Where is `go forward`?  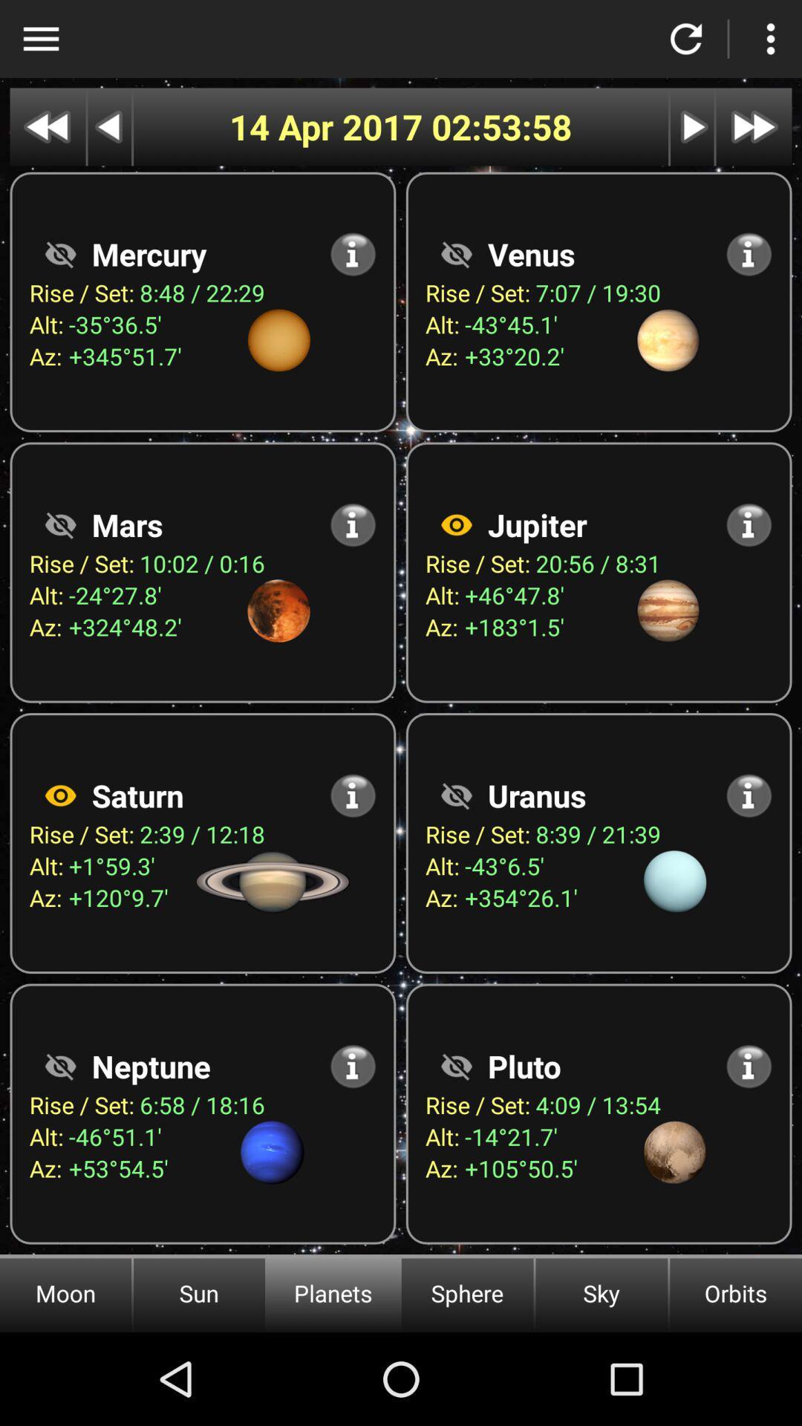 go forward is located at coordinates (692, 127).